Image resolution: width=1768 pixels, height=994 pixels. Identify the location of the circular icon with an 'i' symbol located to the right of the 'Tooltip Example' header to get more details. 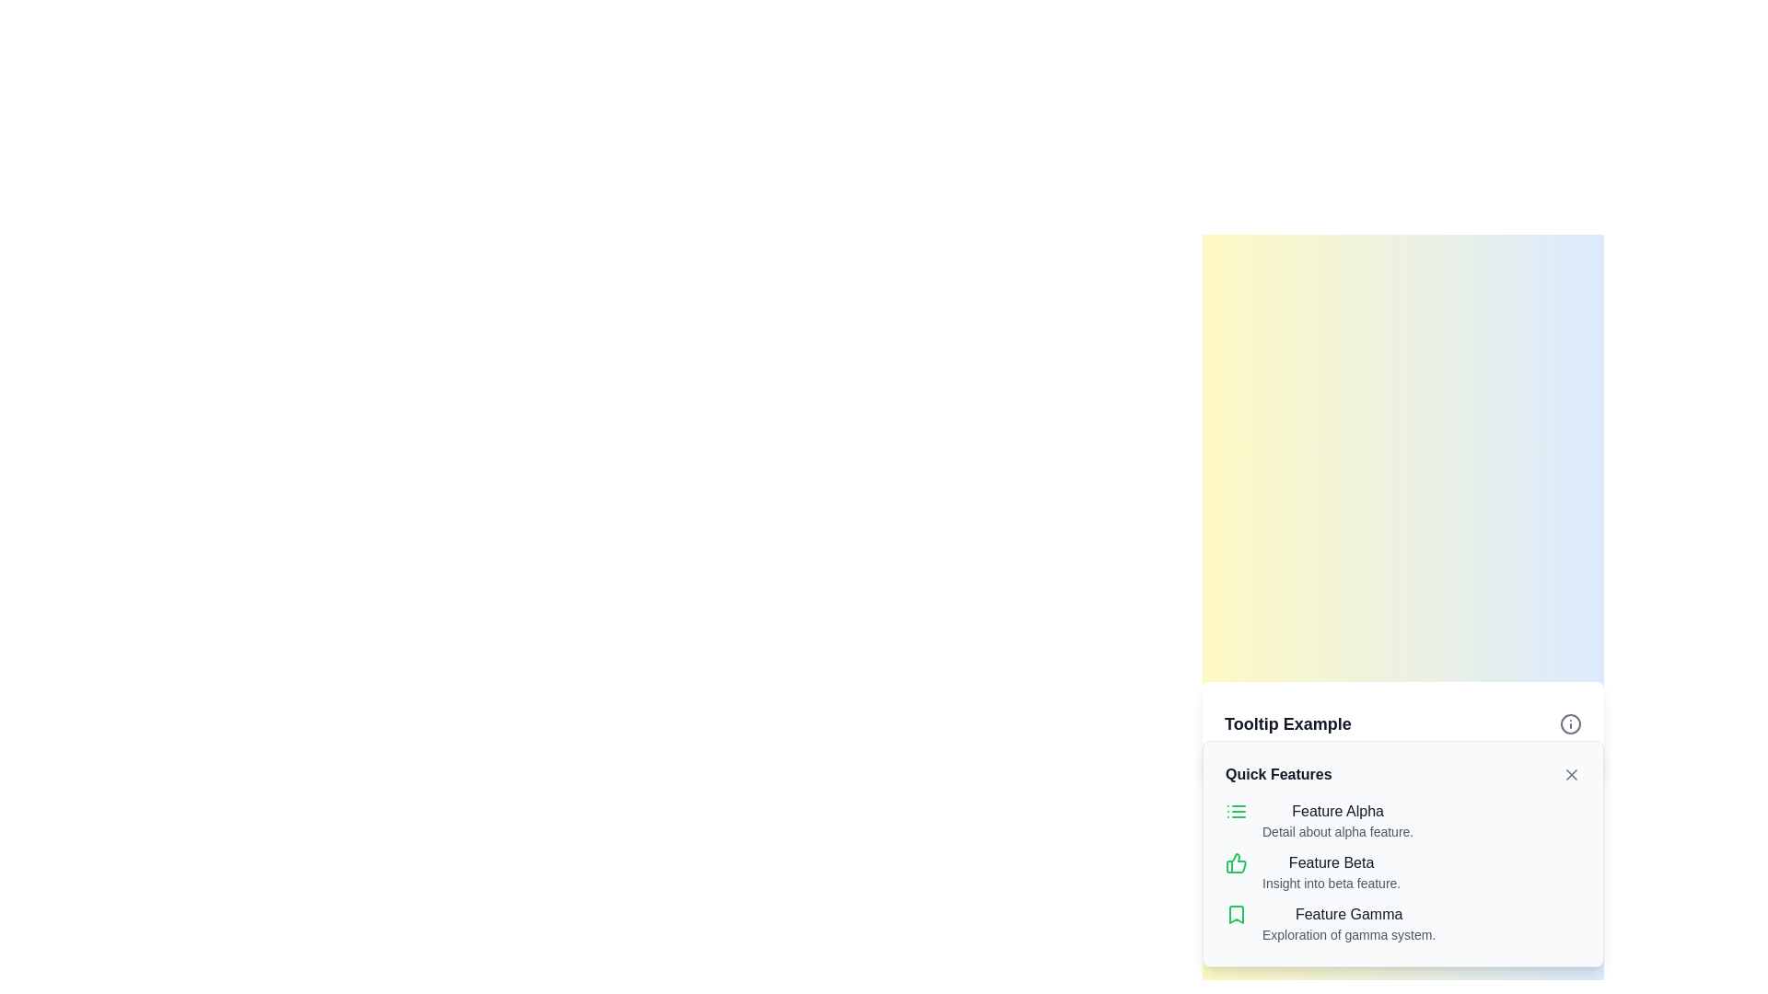
(1569, 722).